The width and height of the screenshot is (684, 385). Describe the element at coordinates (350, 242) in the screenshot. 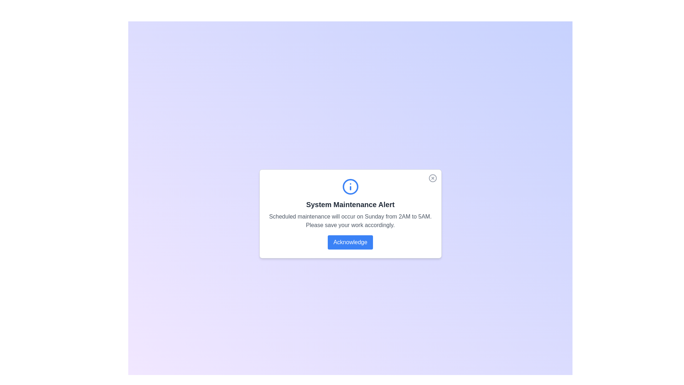

I see `the 'Acknowledge' button to confirm the alert` at that location.